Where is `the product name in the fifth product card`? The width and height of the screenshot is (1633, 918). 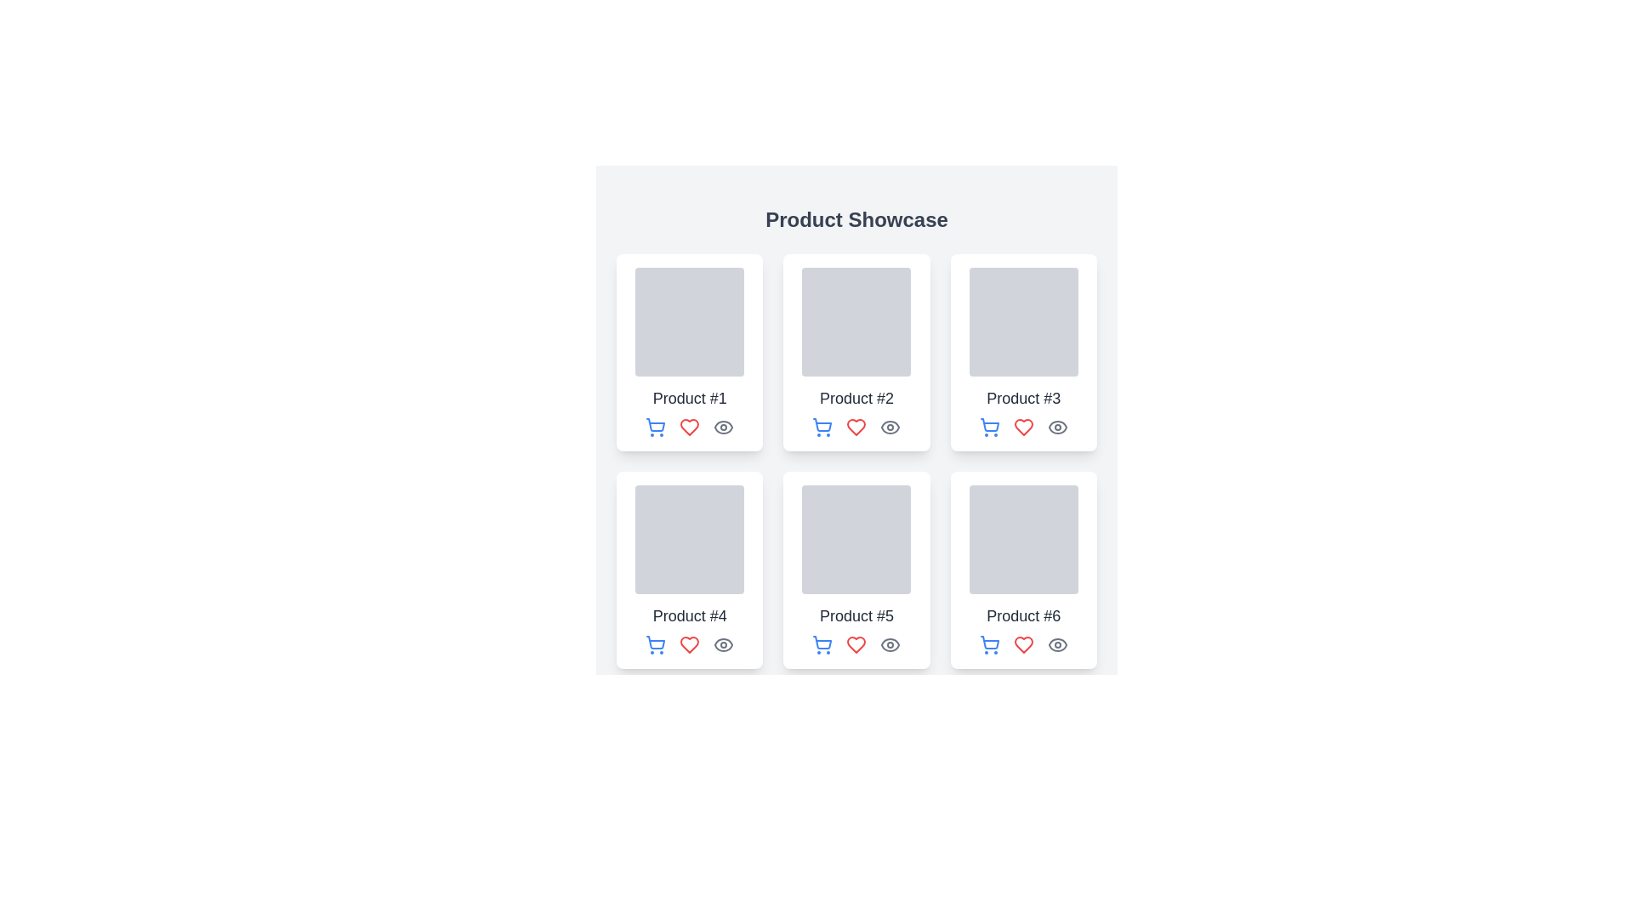
the product name in the fifth product card is located at coordinates (856, 570).